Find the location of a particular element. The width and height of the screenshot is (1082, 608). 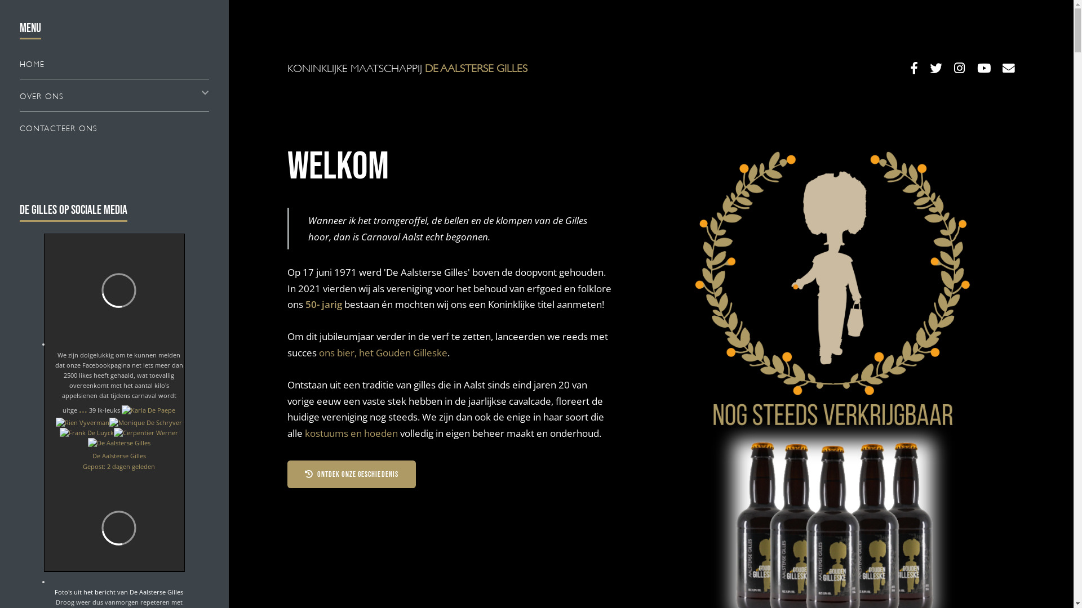

'Karla De Paepe' is located at coordinates (148, 410).